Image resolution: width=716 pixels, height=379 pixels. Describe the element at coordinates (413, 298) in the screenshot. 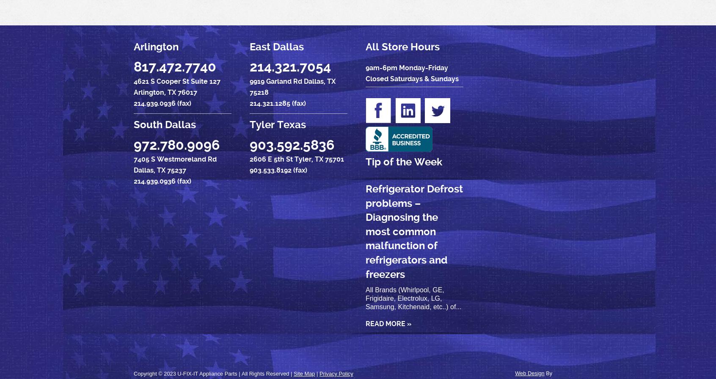

I see `'All Brands (Whirlpool, GE, Frigidaire, Electrolux, LG, Samsung, Kitchenaid, etc..) of...'` at that location.